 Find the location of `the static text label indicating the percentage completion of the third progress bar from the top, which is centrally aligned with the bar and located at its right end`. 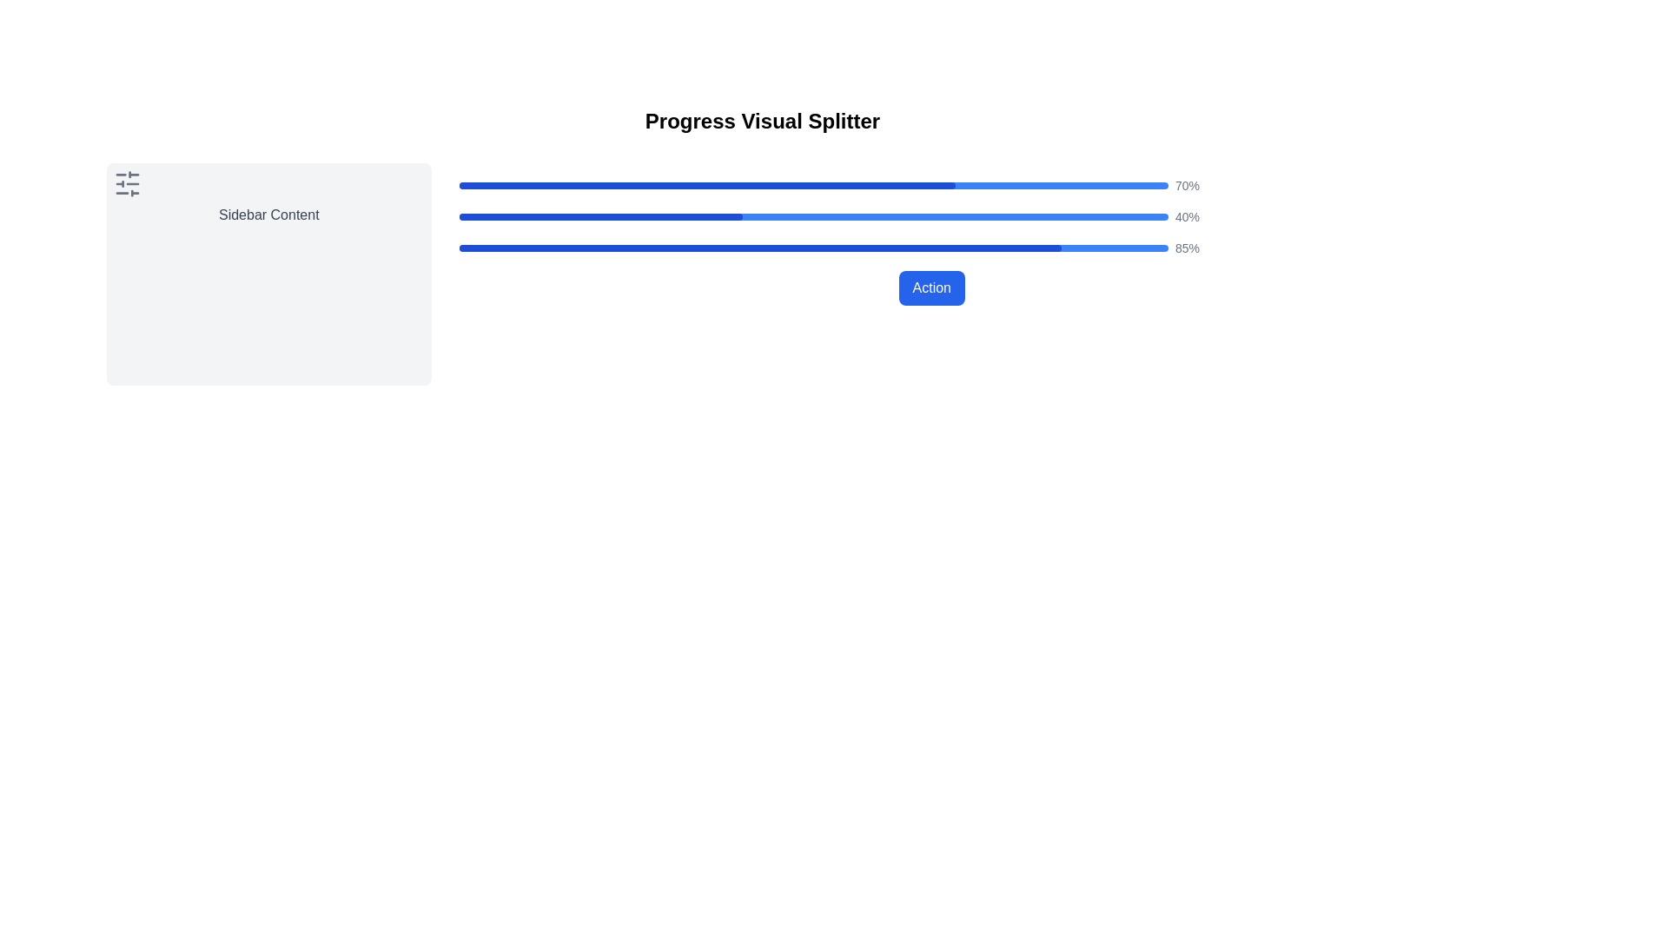

the static text label indicating the percentage completion of the third progress bar from the top, which is centrally aligned with the bar and located at its right end is located at coordinates (1186, 248).